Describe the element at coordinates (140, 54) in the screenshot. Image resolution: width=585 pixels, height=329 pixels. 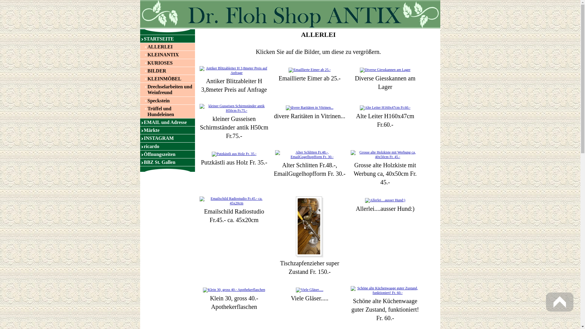
I see `'KLEINANTIX'` at that location.